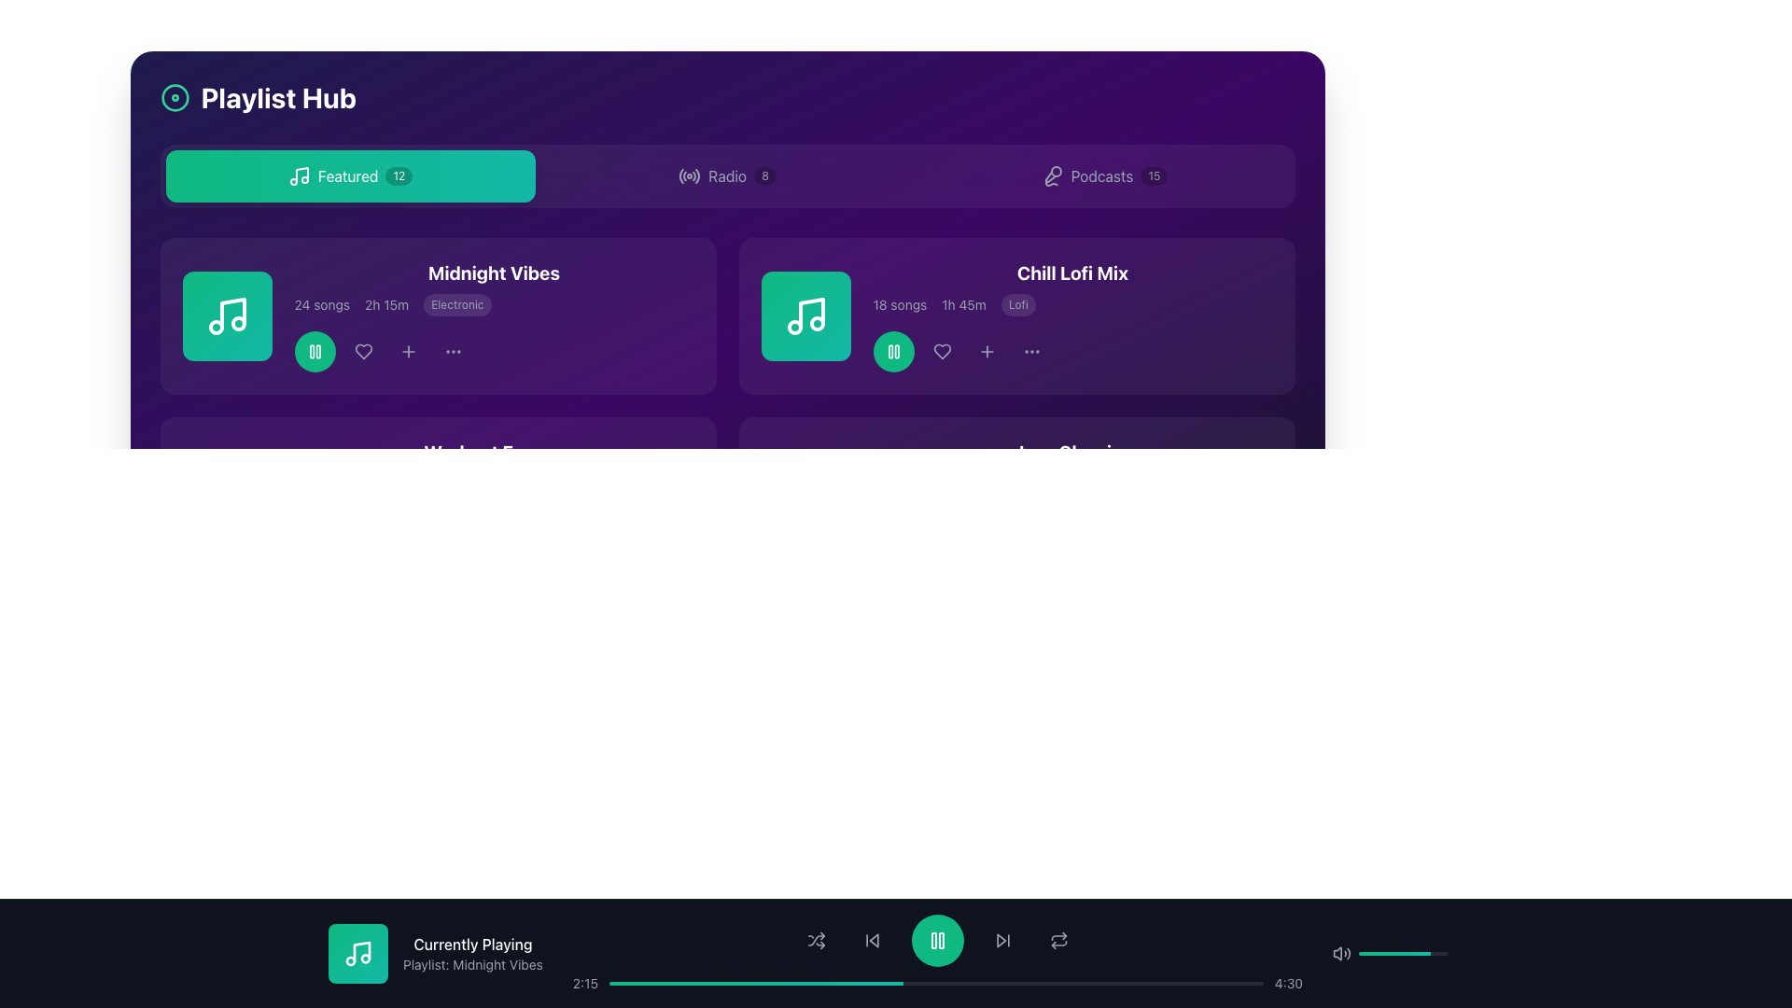 This screenshot has height=1008, width=1792. Describe the element at coordinates (434, 954) in the screenshot. I see `the informational text group with graphical icon that displays the currently playing playlist's information, located in the lower part of the interface, first from the left in the bar component` at that location.